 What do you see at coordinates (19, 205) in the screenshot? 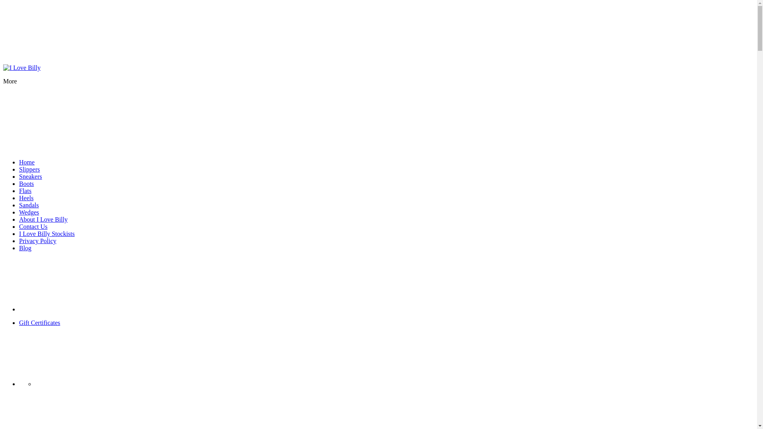
I see `'Sandals'` at bounding box center [19, 205].